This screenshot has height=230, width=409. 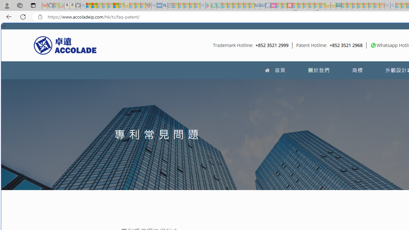 What do you see at coordinates (56, 5) in the screenshot?
I see `'Microsoft-Report a Concern to Bing - Sleeping'` at bounding box center [56, 5].